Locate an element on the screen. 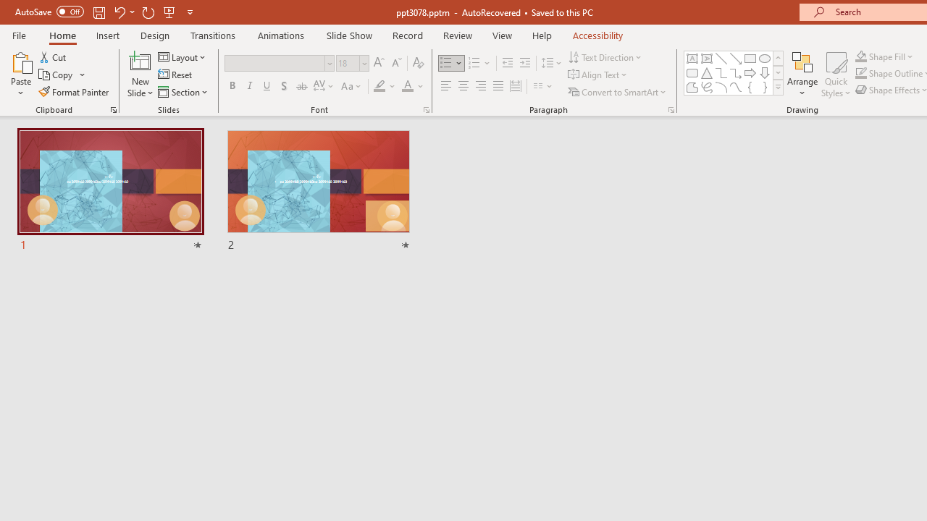 This screenshot has width=927, height=521. 'Shape Outline Green, Accent 1' is located at coordinates (861, 73).